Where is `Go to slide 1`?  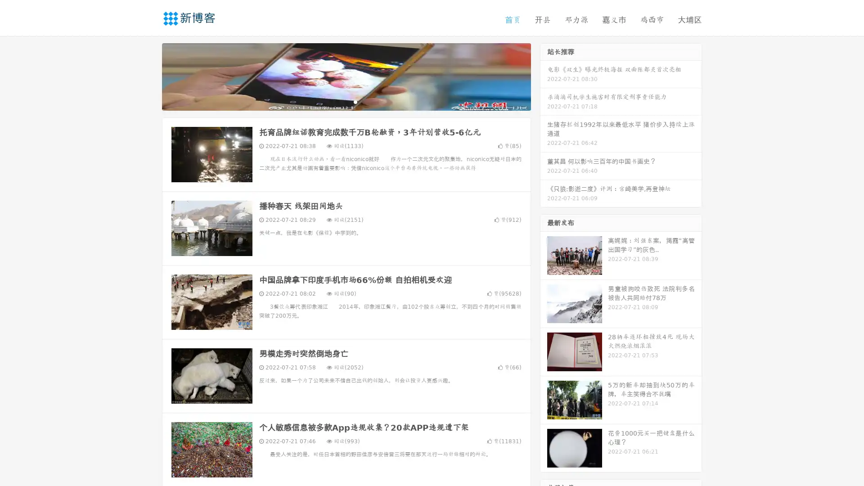 Go to slide 1 is located at coordinates (337, 101).